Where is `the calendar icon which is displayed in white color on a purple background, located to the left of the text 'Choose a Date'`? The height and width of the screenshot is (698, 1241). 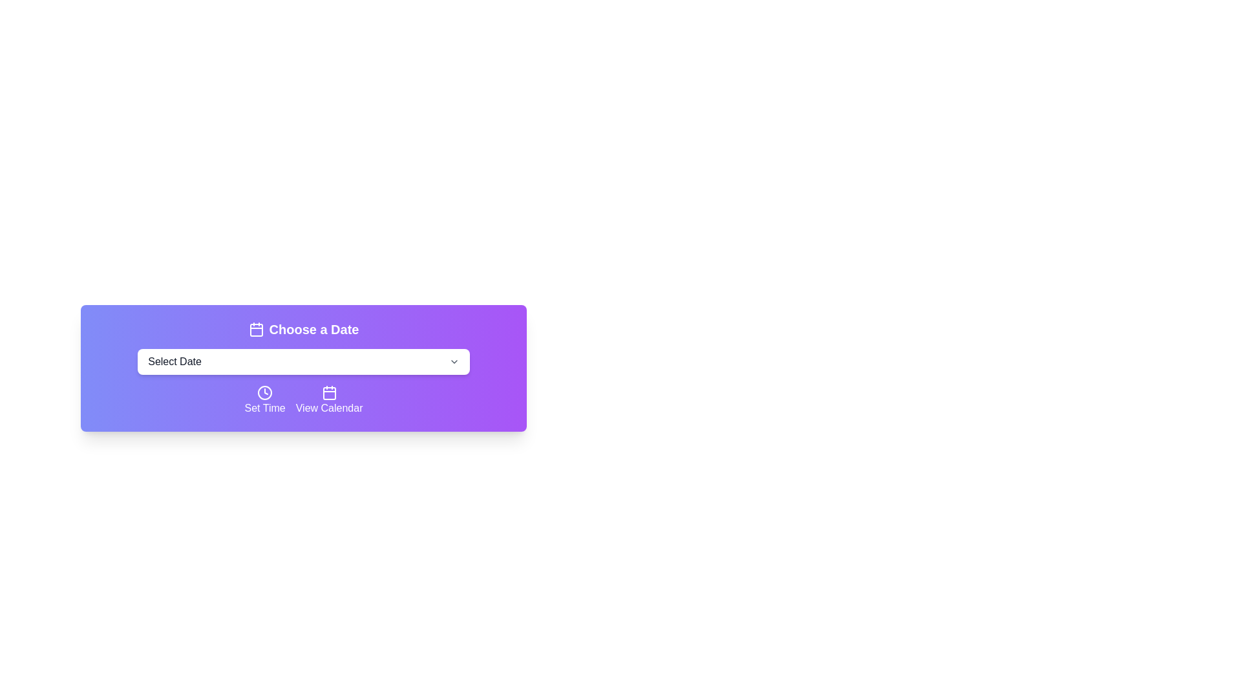
the calendar icon which is displayed in white color on a purple background, located to the left of the text 'Choose a Date' is located at coordinates (256, 328).